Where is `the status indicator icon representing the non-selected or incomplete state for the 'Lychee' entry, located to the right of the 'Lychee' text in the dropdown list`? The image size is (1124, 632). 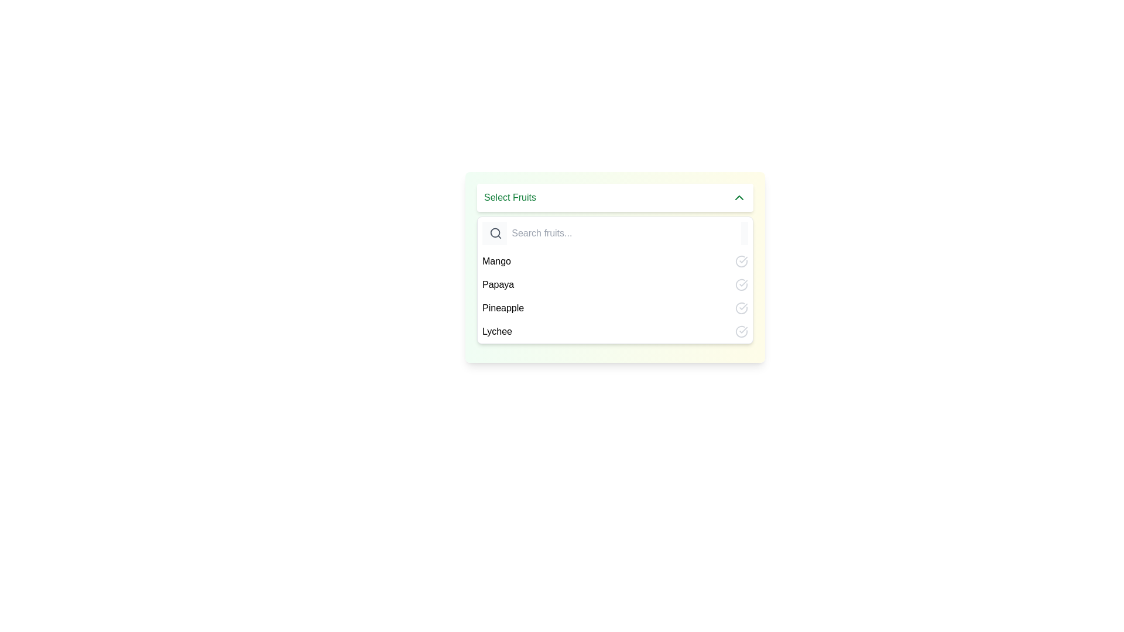
the status indicator icon representing the non-selected or incomplete state for the 'Lychee' entry, located to the right of the 'Lychee' text in the dropdown list is located at coordinates (741, 332).